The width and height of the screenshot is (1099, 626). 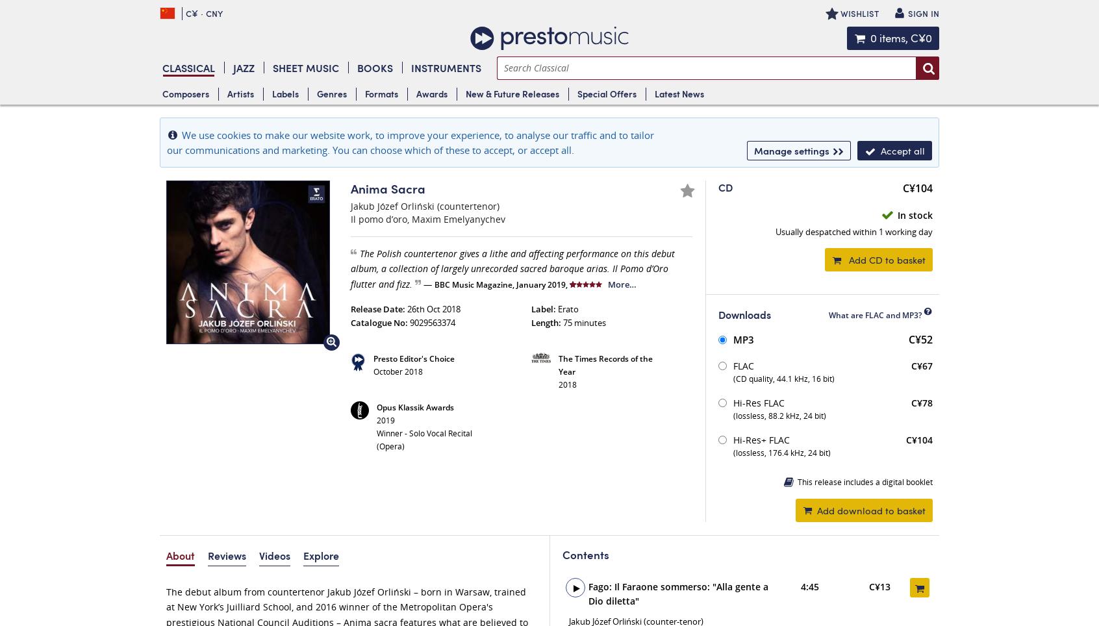 What do you see at coordinates (414, 407) in the screenshot?
I see `'Opus Klassik Awards'` at bounding box center [414, 407].